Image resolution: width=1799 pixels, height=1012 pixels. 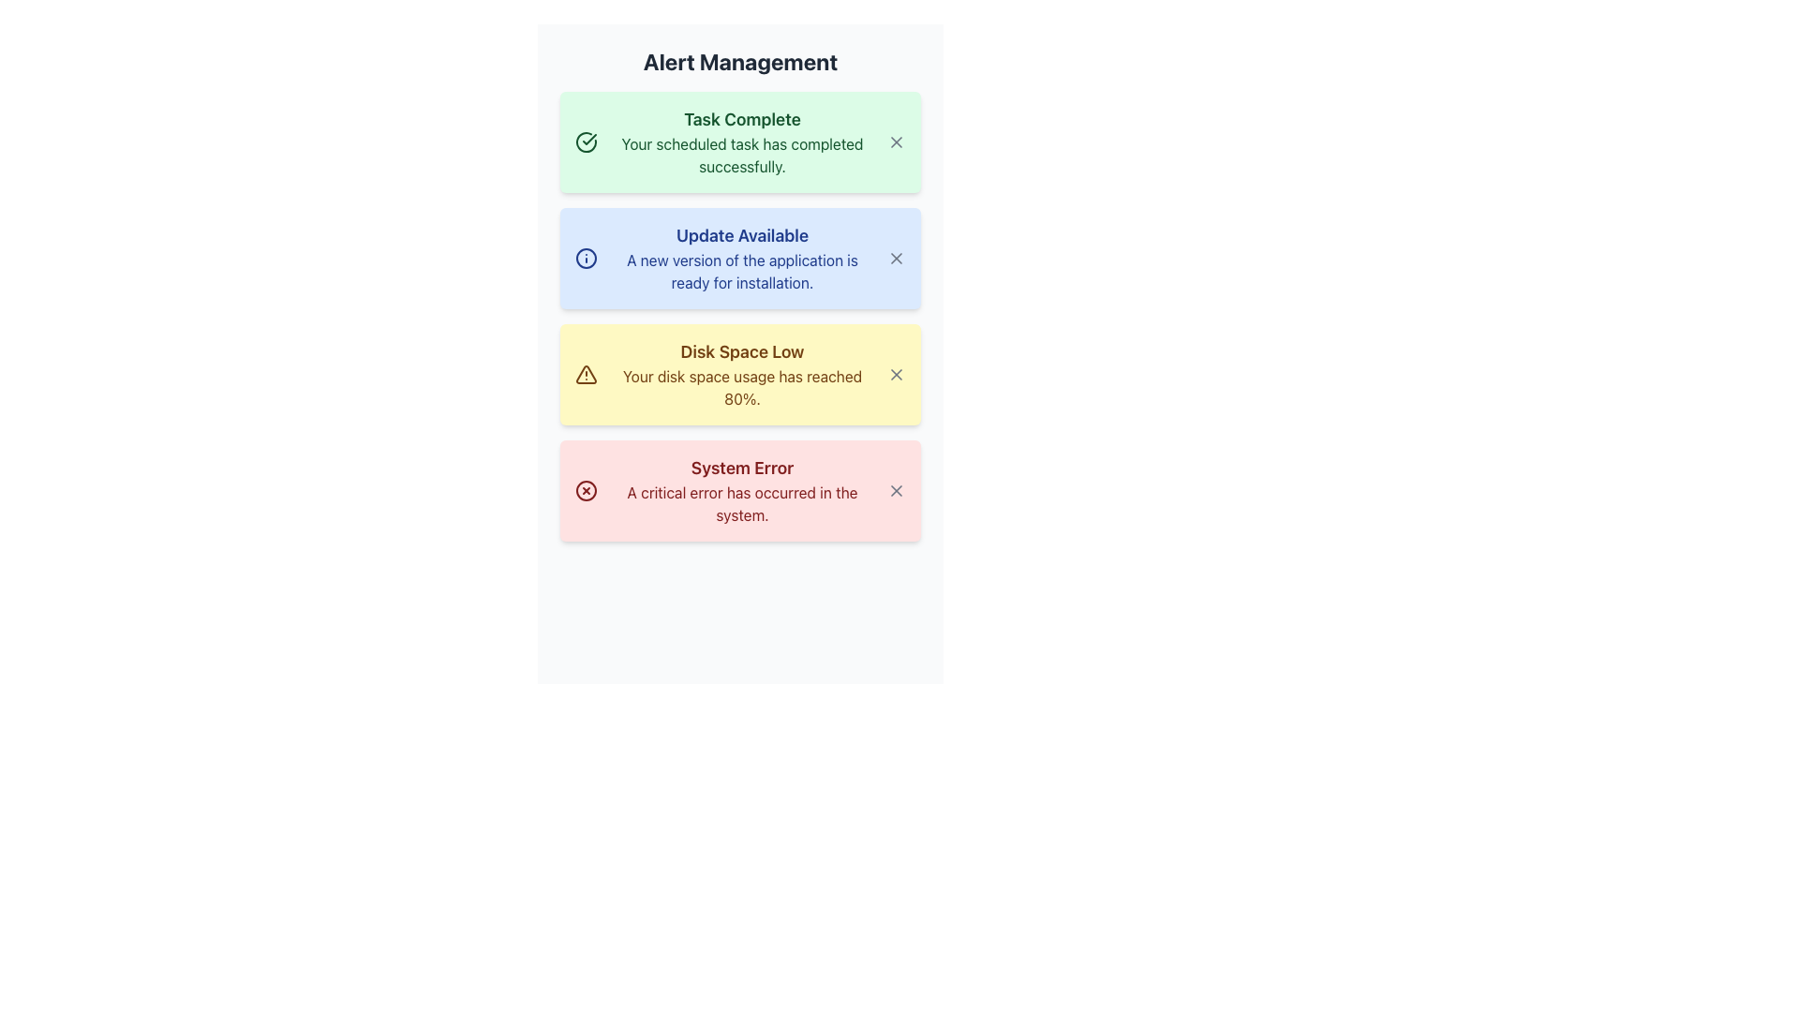 What do you see at coordinates (741, 119) in the screenshot?
I see `the text label that reads 'Task Complete', which is styled in bold and larger font within a green background panel located at the top of the notification list` at bounding box center [741, 119].